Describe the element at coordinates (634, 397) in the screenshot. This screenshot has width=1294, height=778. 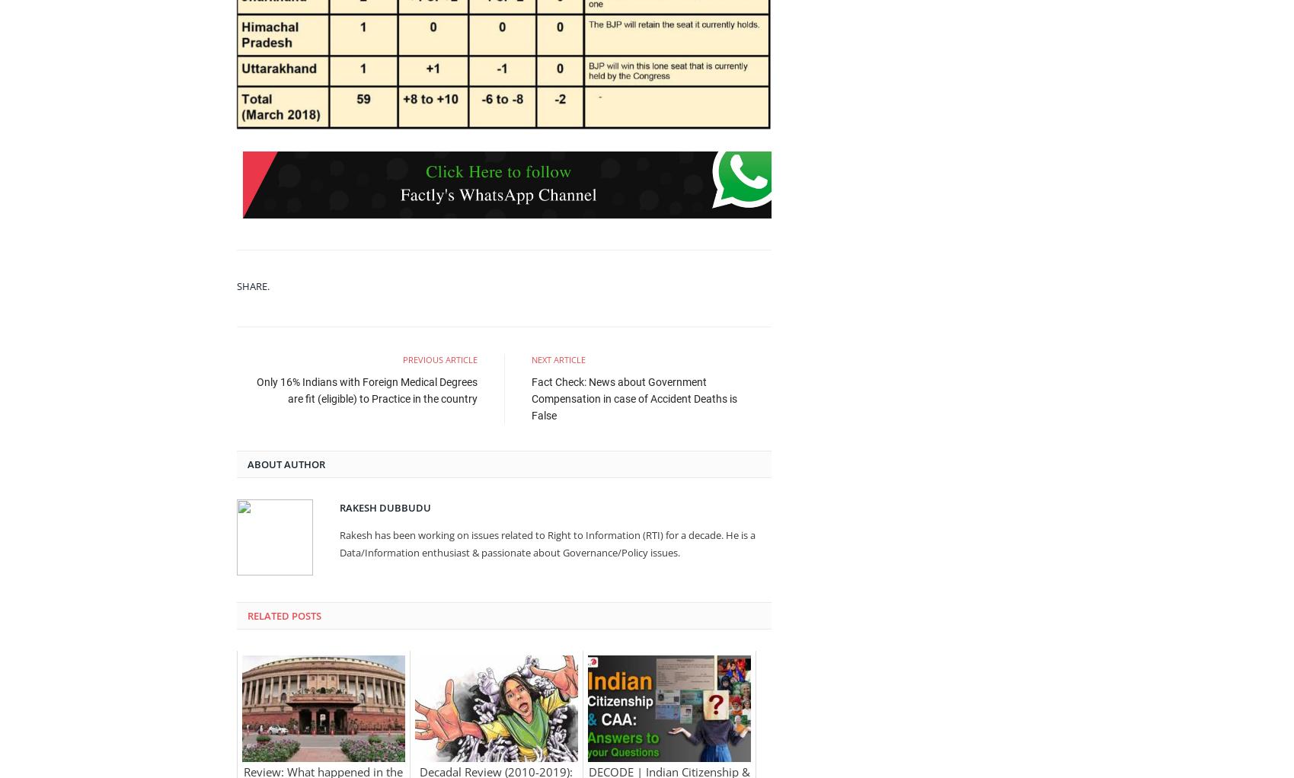
I see `'Fact Check: News about Government Compensation in case of Accident Deaths is False'` at that location.